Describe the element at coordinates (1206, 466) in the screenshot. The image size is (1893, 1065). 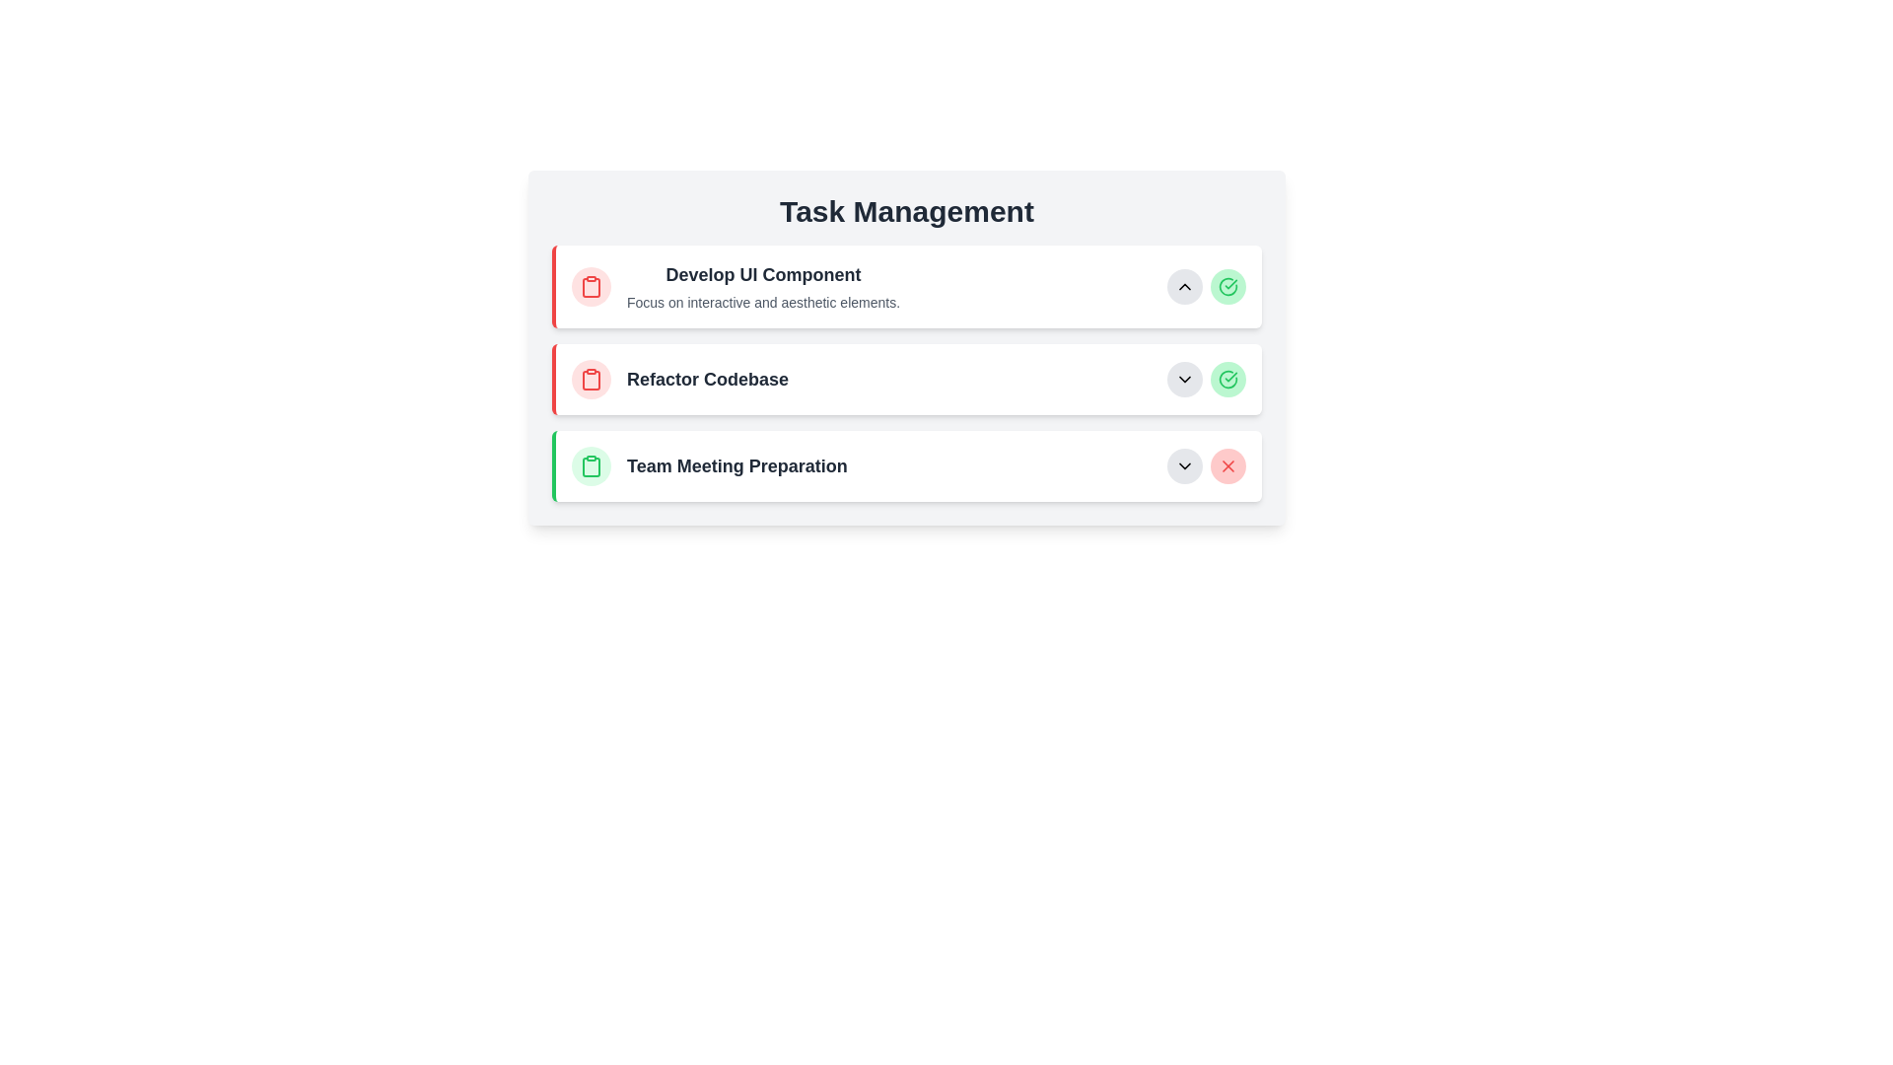
I see `the delete button located at the rightmost part of the 'Team Meeting Preparation' task row` at that location.